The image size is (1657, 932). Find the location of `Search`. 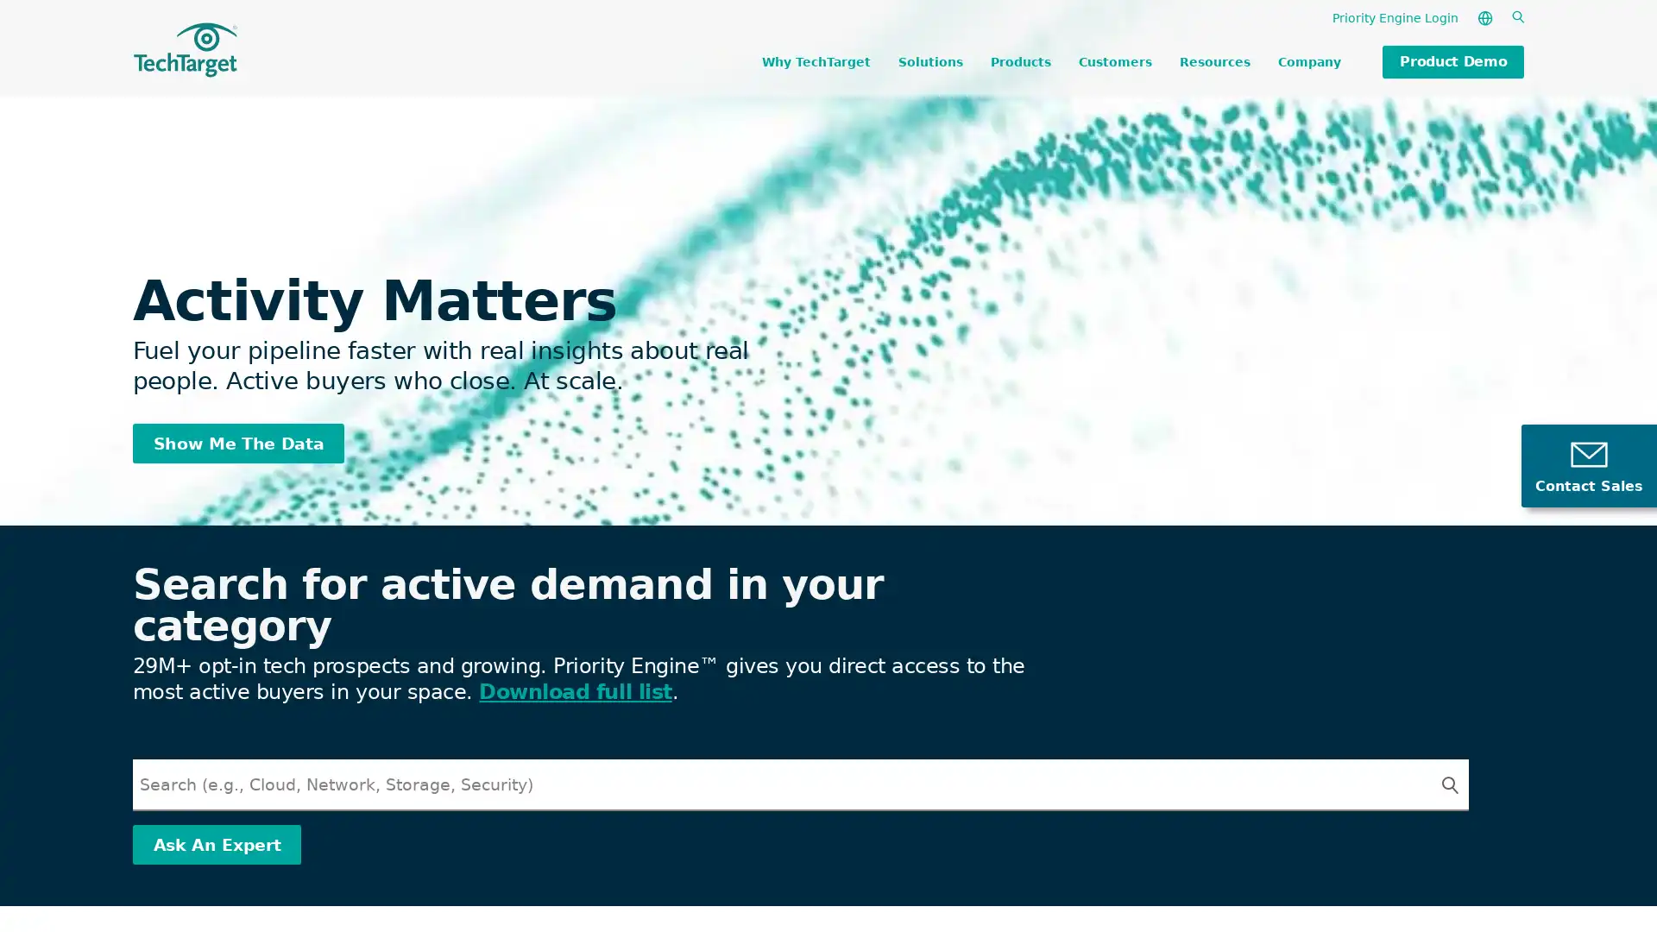

Search is located at coordinates (1450, 785).